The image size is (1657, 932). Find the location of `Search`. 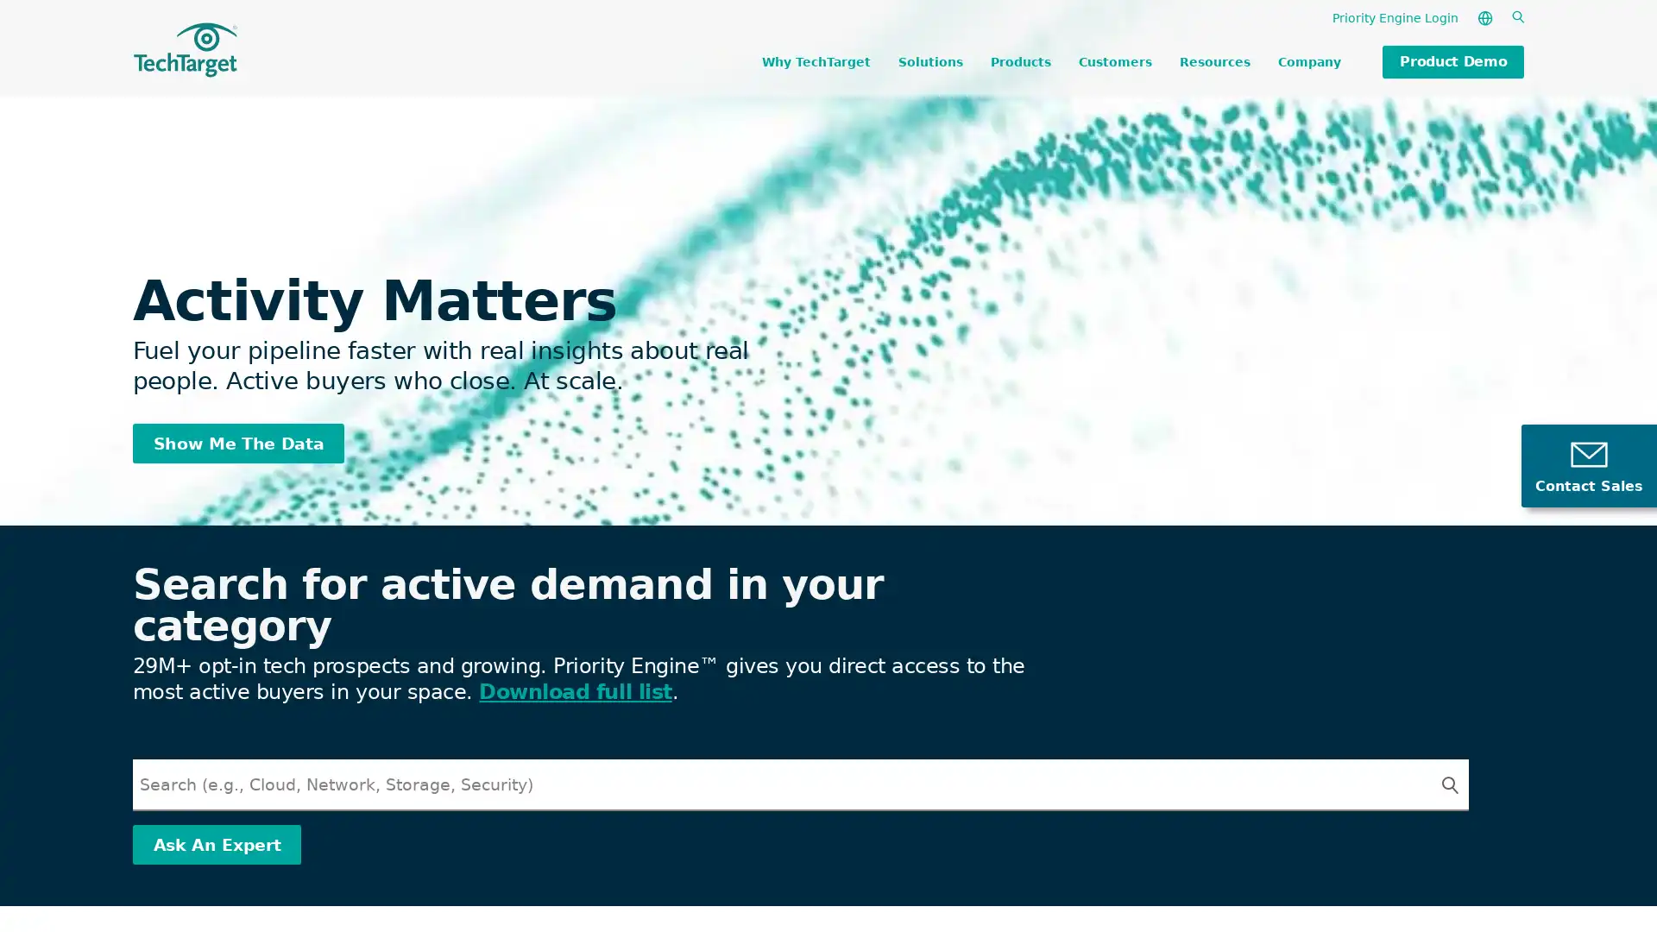

Search is located at coordinates (1450, 785).